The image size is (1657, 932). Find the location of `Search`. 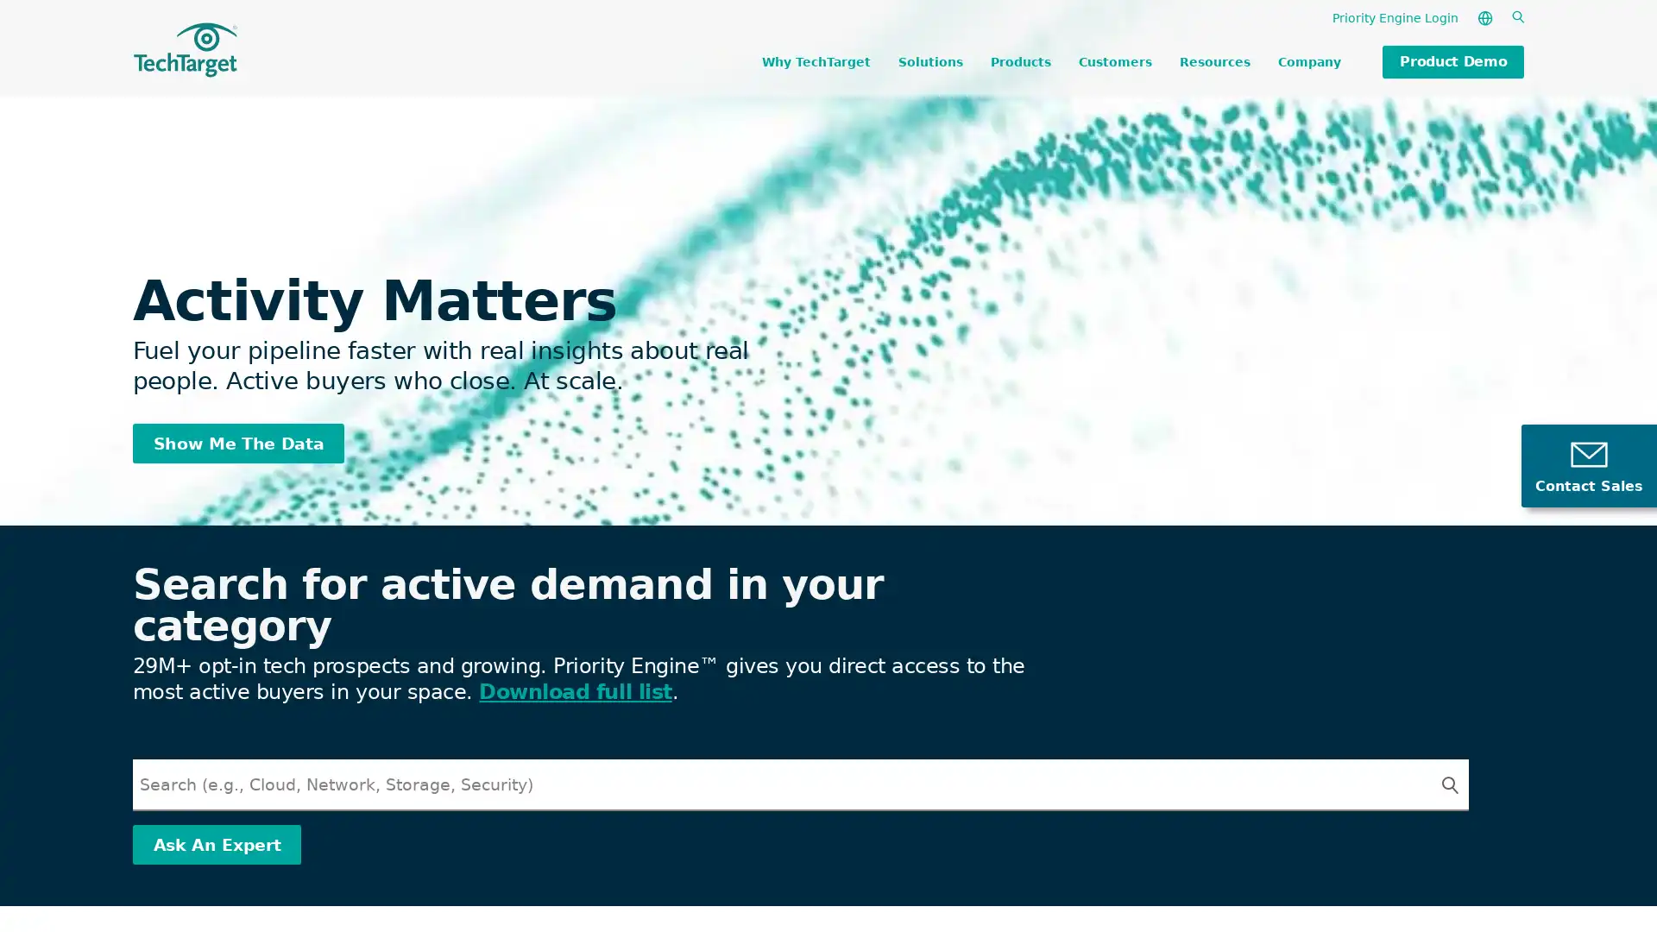

Search is located at coordinates (1450, 785).